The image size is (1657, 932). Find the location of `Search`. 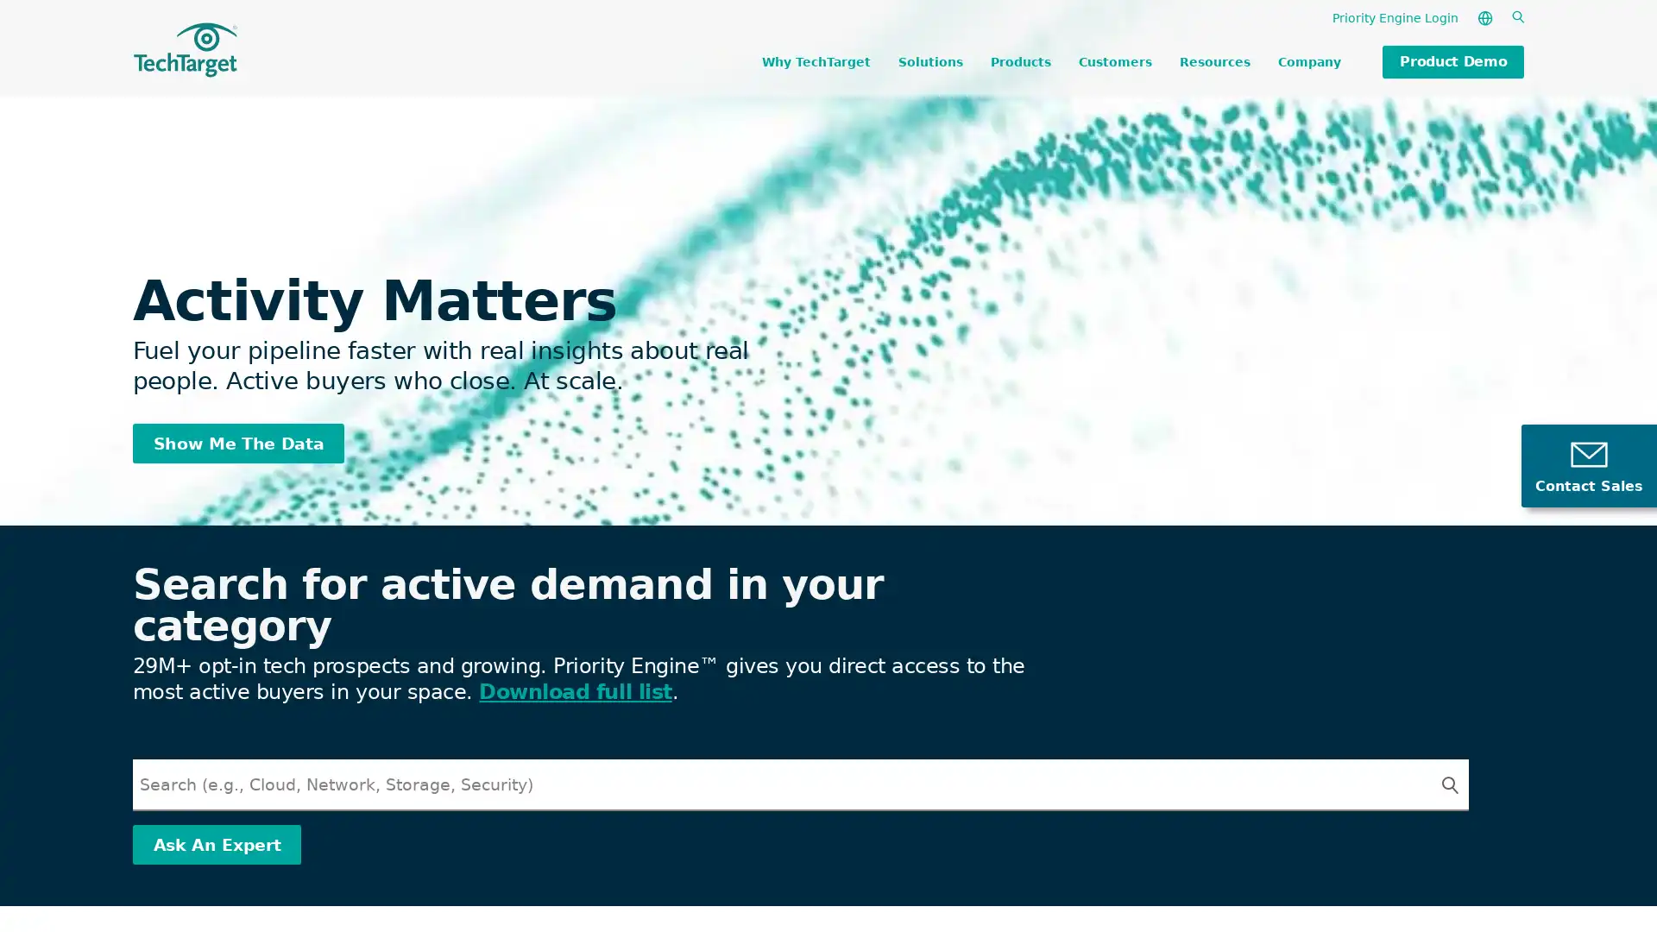

Search is located at coordinates (1450, 785).